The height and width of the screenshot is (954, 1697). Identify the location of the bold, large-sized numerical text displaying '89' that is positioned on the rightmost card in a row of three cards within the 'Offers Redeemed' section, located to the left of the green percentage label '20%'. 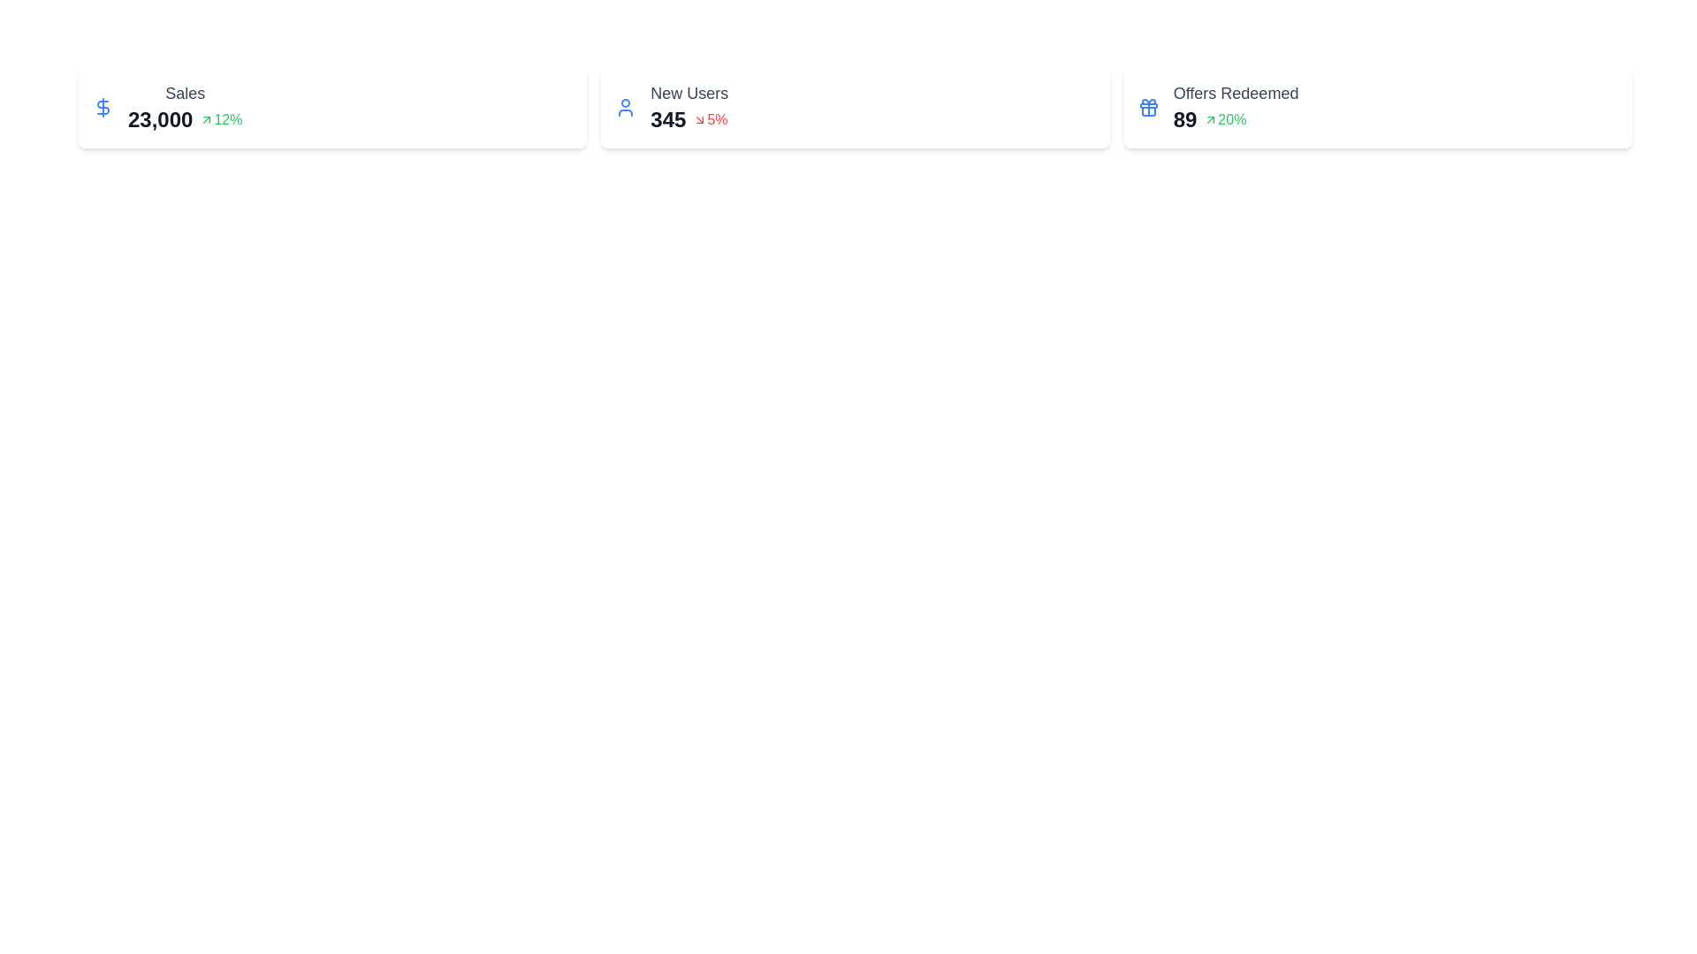
(1184, 119).